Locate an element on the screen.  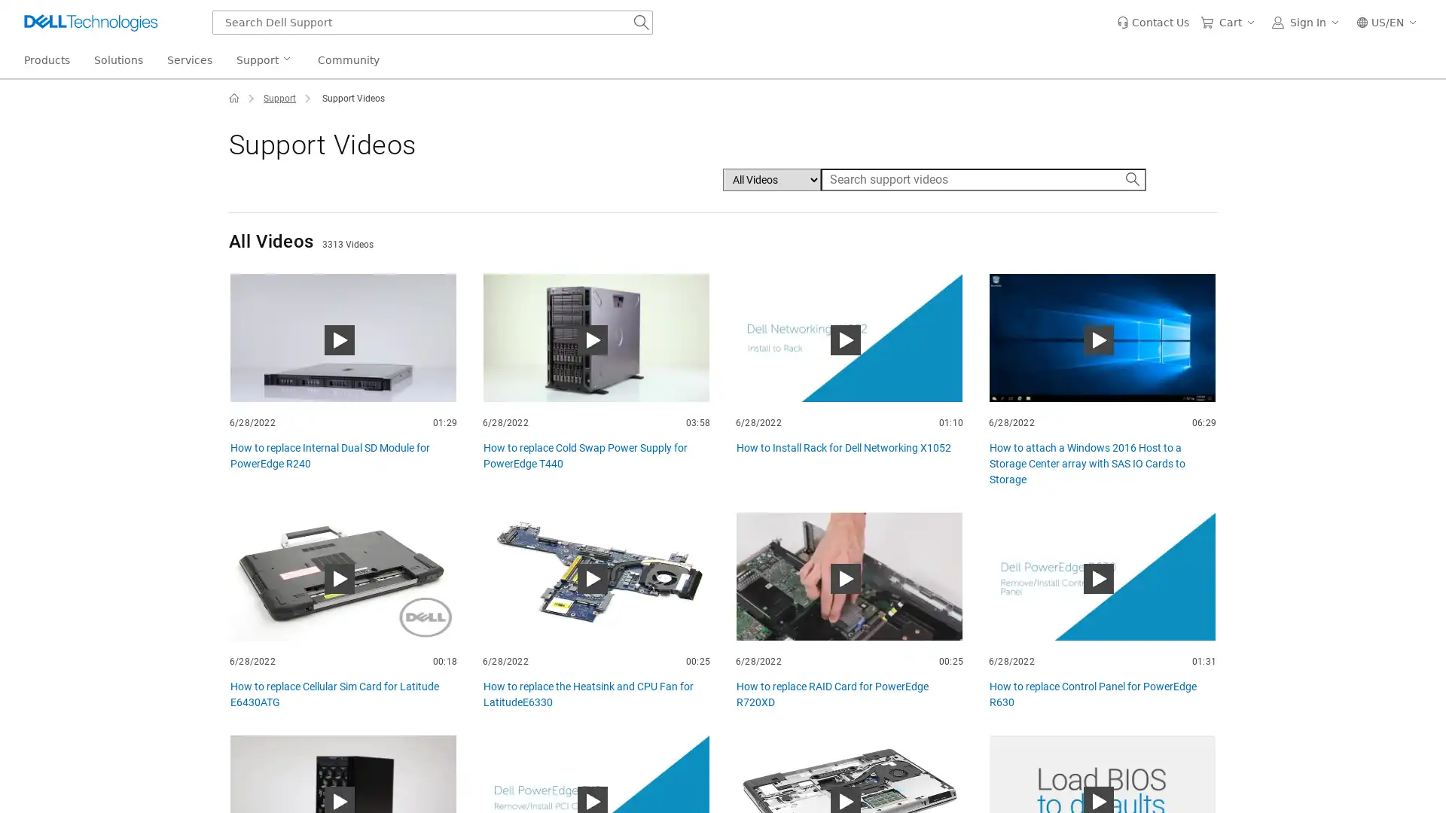
How to replace Control Panel for PowerEdge R630 is located at coordinates (1103, 694).